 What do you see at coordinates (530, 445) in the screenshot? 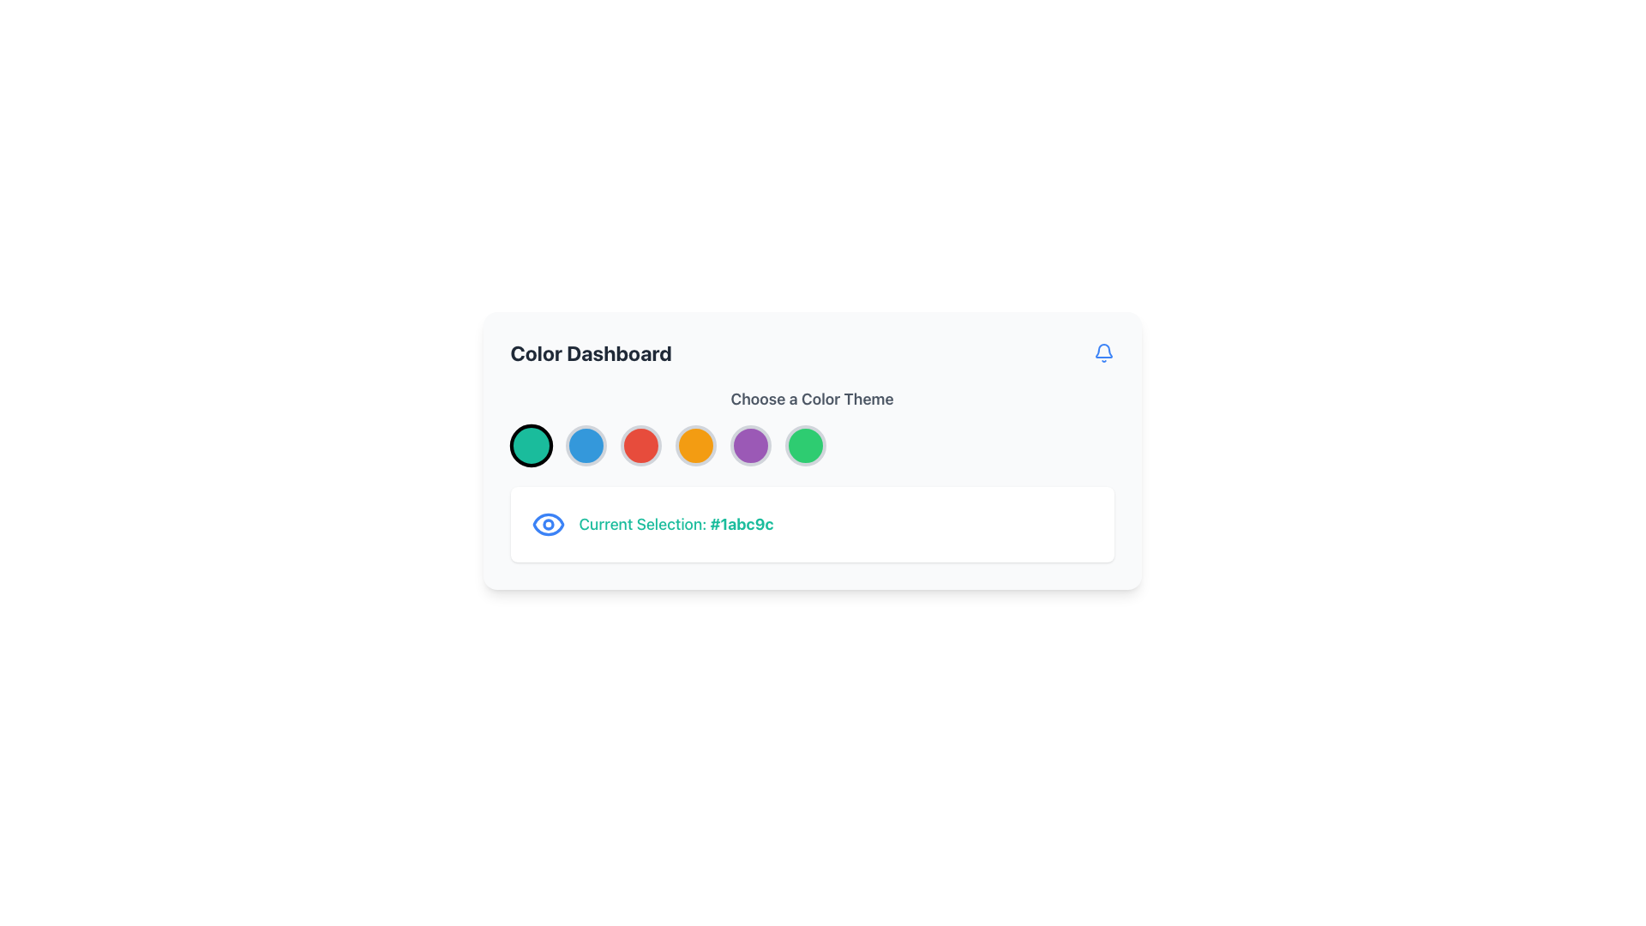
I see `the circular teal green button with a black border located under the title 'Color Dashboard'` at bounding box center [530, 445].